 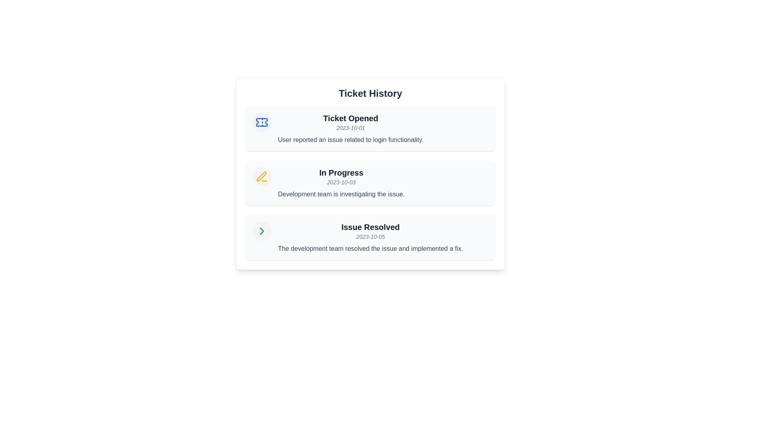 I want to click on the Chevron icon located to the right of the 'Issue Resolved' text block in the ticket history display to indicate further details or an actionable step, so click(x=262, y=231).